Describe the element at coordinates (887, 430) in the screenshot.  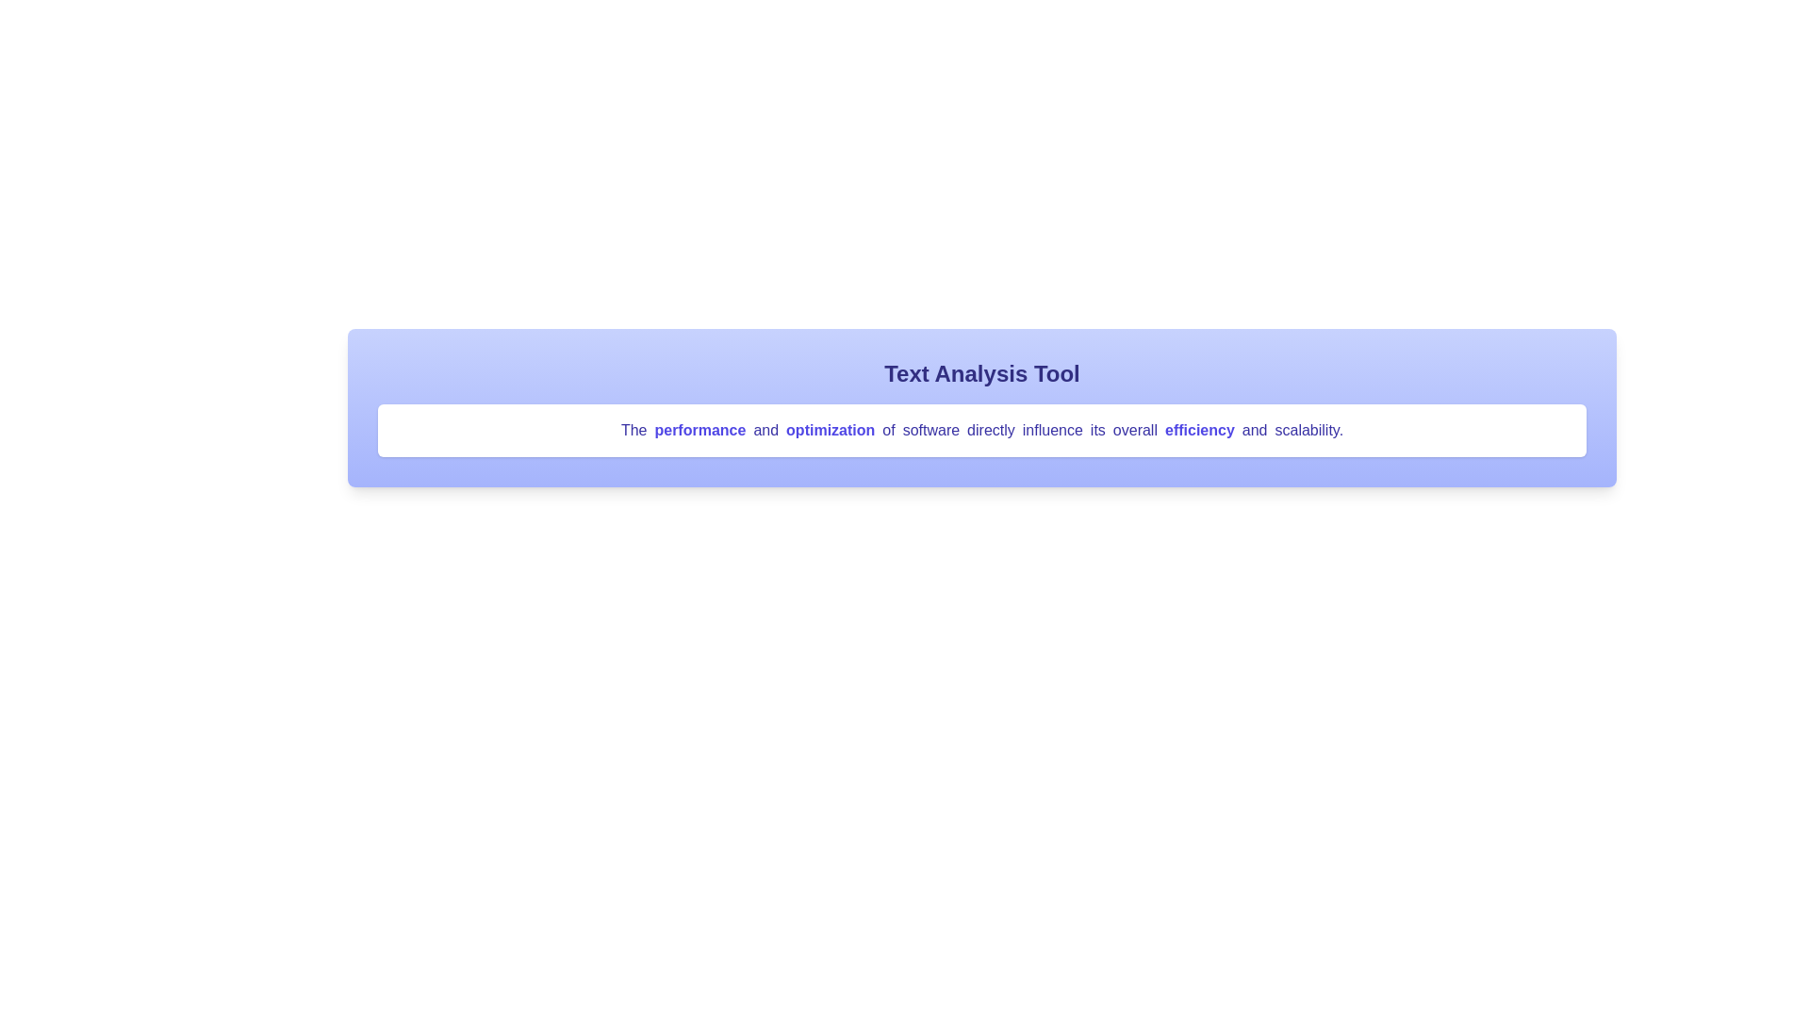
I see `the text element that serves as a linking preposition` at that location.